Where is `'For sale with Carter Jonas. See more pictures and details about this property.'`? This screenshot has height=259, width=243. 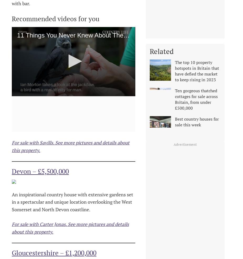 'For sale with Carter Jonas. See more pictures and details about this property.' is located at coordinates (70, 227).